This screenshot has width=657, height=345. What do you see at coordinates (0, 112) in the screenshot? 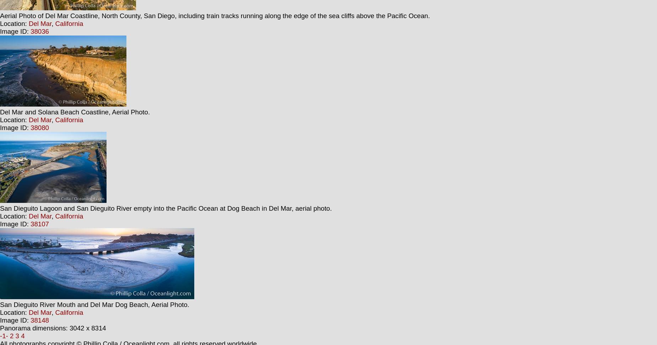
I see `'Del Mar and Solana Beach Coastline, Aerial Photo.'` at bounding box center [0, 112].